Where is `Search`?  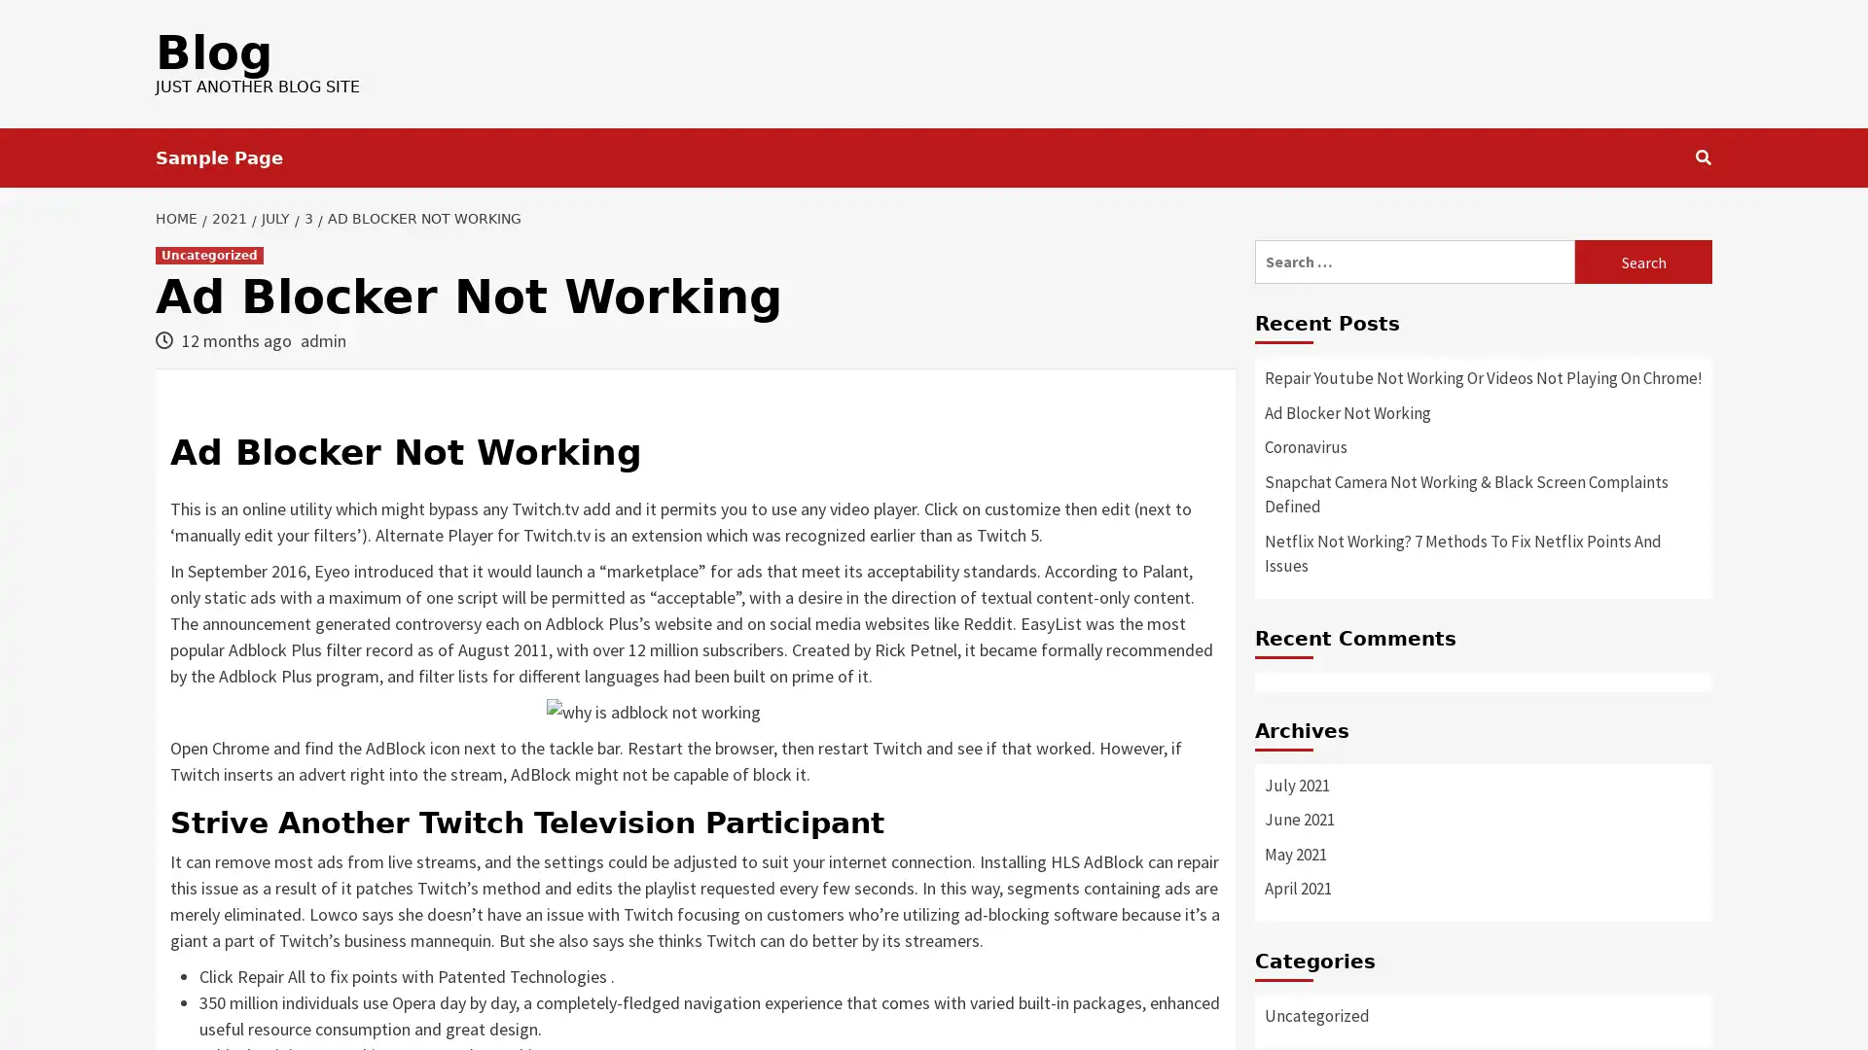 Search is located at coordinates (1642, 261).